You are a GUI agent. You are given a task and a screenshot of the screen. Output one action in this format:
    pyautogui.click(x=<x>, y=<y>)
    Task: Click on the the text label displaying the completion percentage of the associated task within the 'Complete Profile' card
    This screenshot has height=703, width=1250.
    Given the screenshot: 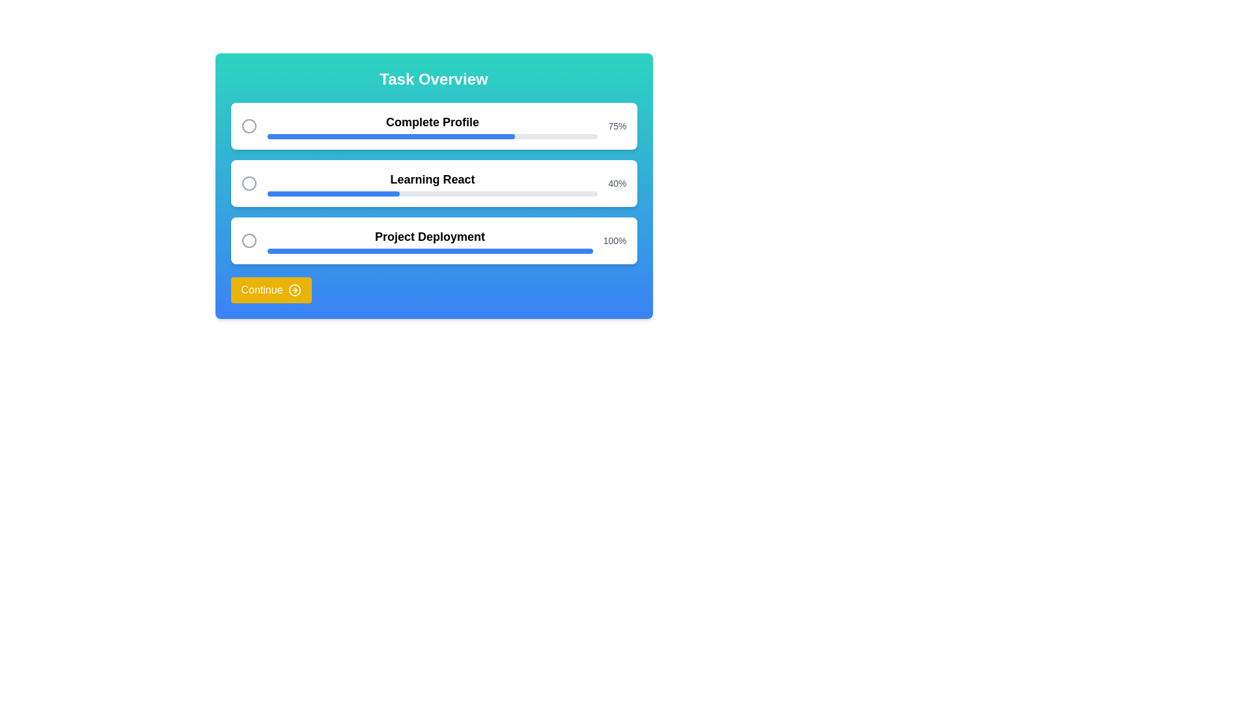 What is the action you would take?
    pyautogui.click(x=617, y=126)
    